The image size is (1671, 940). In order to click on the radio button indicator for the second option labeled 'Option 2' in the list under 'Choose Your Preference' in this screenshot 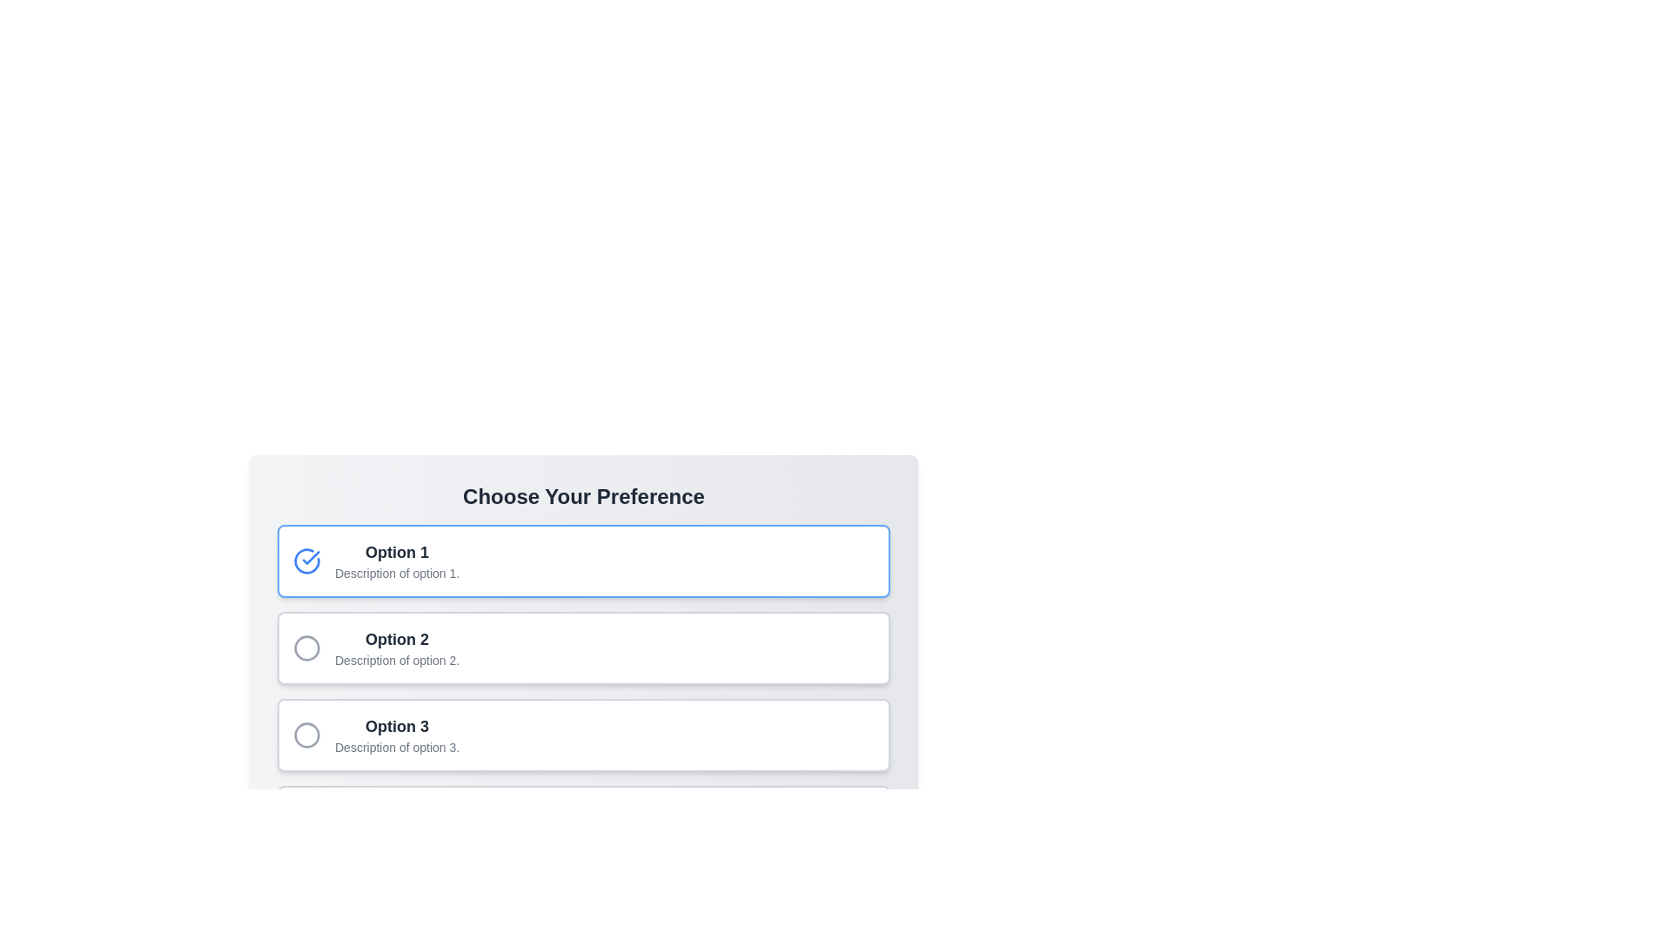, I will do `click(307, 648)`.